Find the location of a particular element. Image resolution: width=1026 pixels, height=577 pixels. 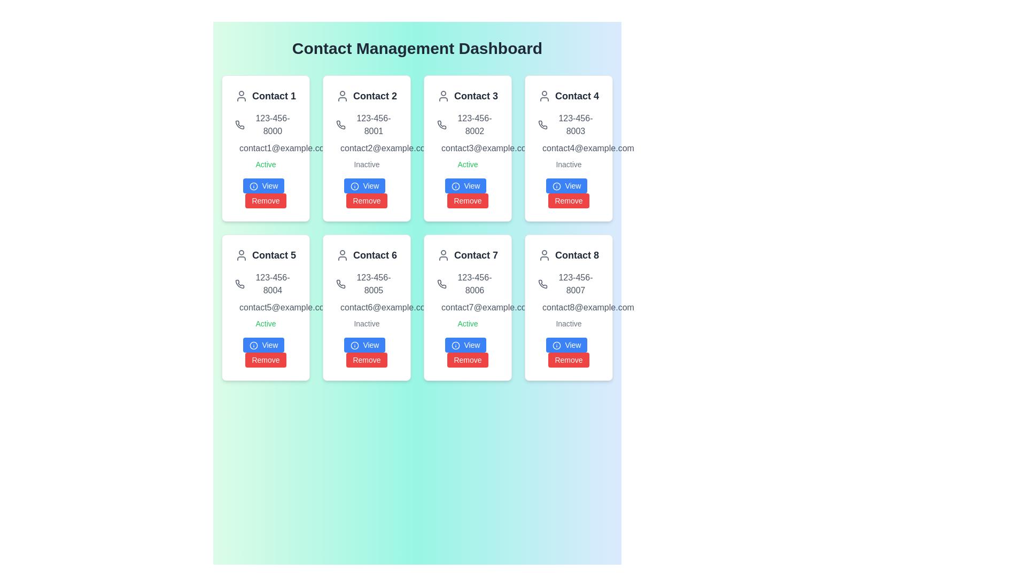

the interactive button group located within the card labeled 'Contact 8' is located at coordinates (568, 352).